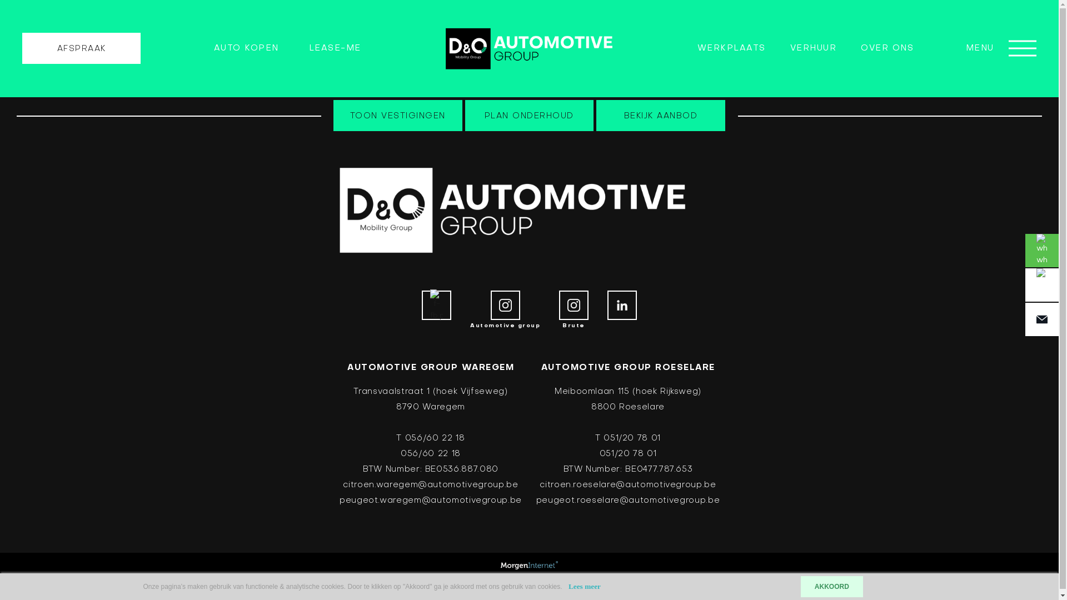 The height and width of the screenshot is (600, 1067). Describe the element at coordinates (814, 48) in the screenshot. I see `'VERHUUR'` at that location.